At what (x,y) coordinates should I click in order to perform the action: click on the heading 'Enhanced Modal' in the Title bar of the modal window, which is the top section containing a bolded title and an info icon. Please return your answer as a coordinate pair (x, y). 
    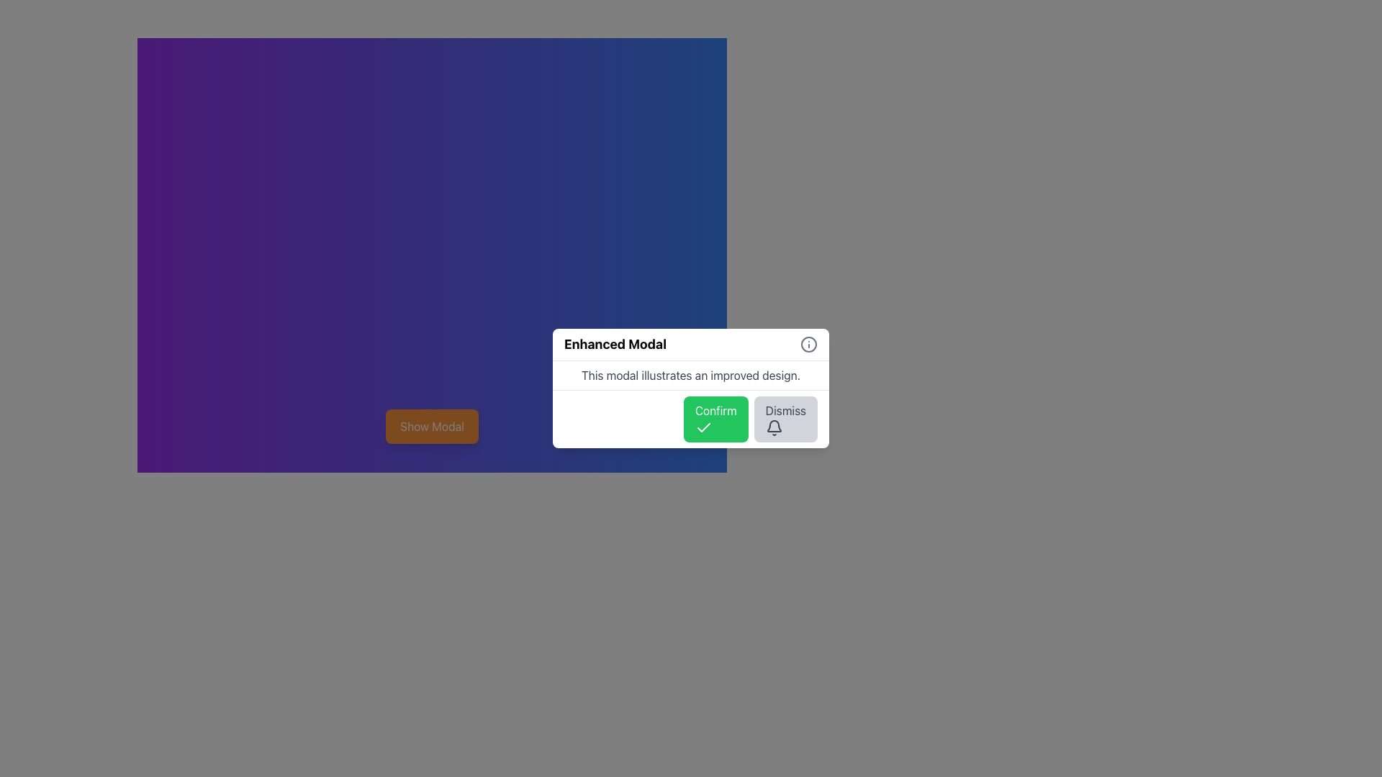
    Looking at the image, I should click on (691, 345).